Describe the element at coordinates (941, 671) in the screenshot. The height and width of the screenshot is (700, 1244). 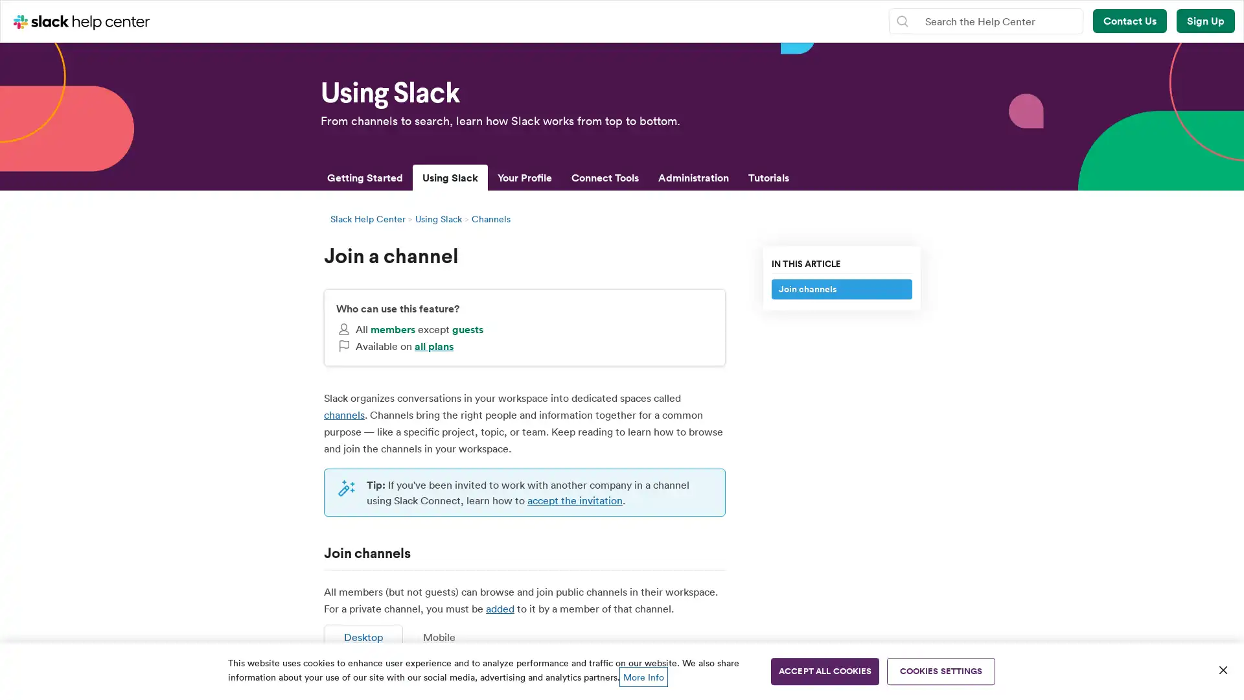
I see `COOKIES SETTINGS` at that location.